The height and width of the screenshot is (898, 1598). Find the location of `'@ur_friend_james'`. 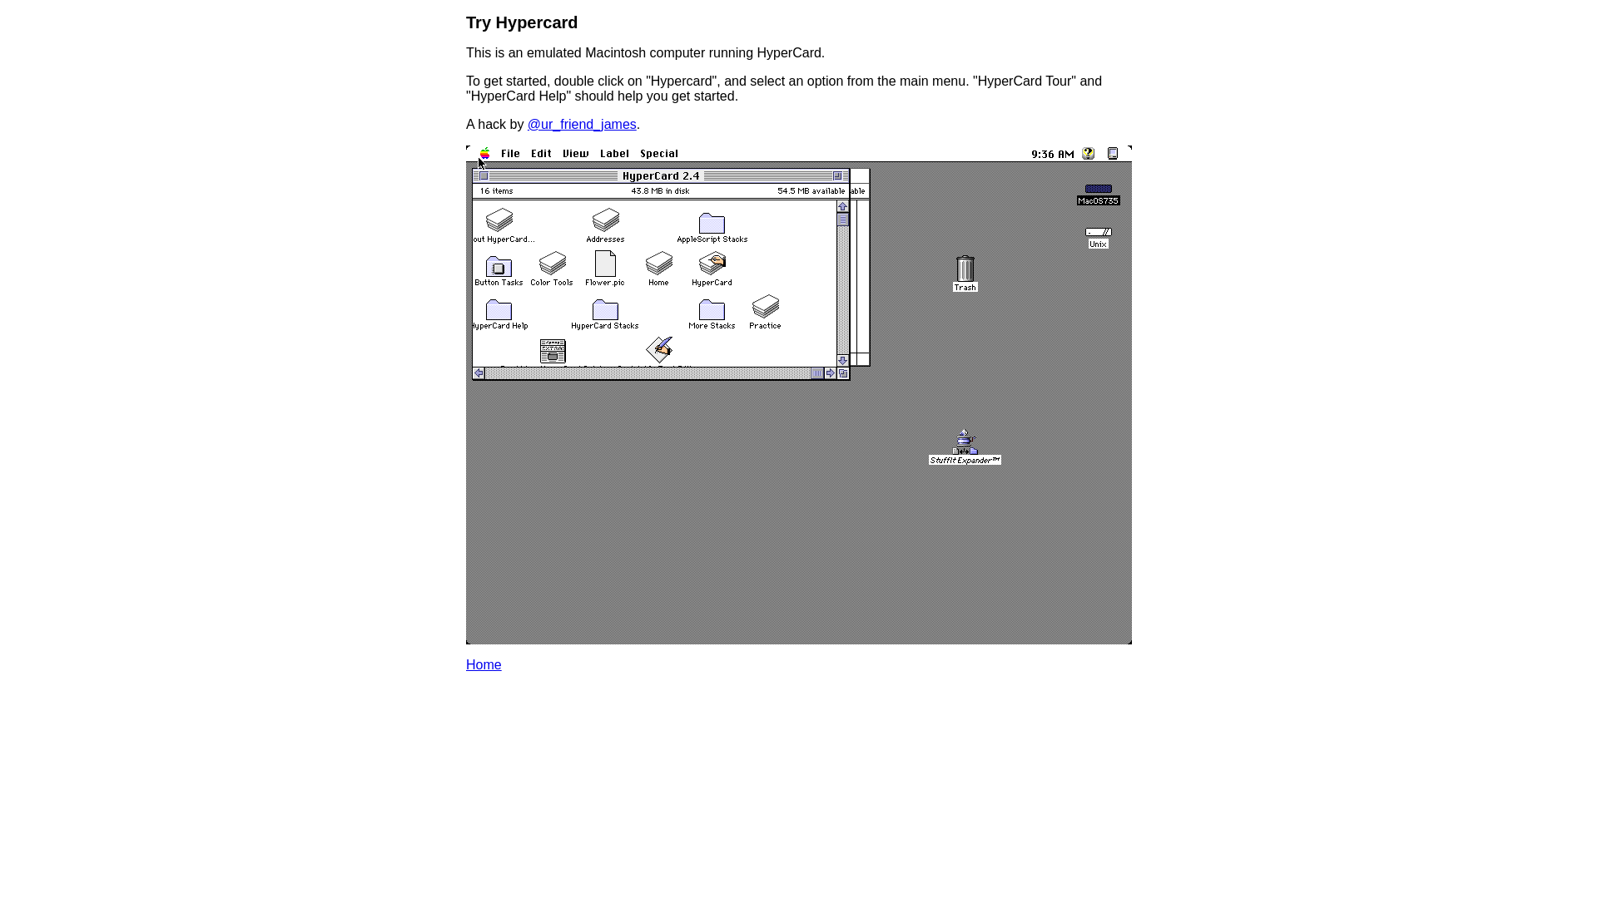

'@ur_friend_james' is located at coordinates (582, 123).